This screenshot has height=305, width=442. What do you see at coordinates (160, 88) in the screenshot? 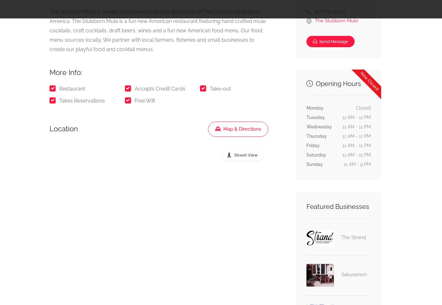
I see `'Accepts Credit Cards'` at bounding box center [160, 88].